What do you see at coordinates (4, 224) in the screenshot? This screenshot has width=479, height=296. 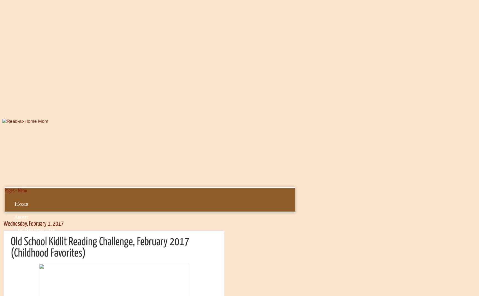 I see `'Wednesday, February 1, 2017'` at bounding box center [4, 224].